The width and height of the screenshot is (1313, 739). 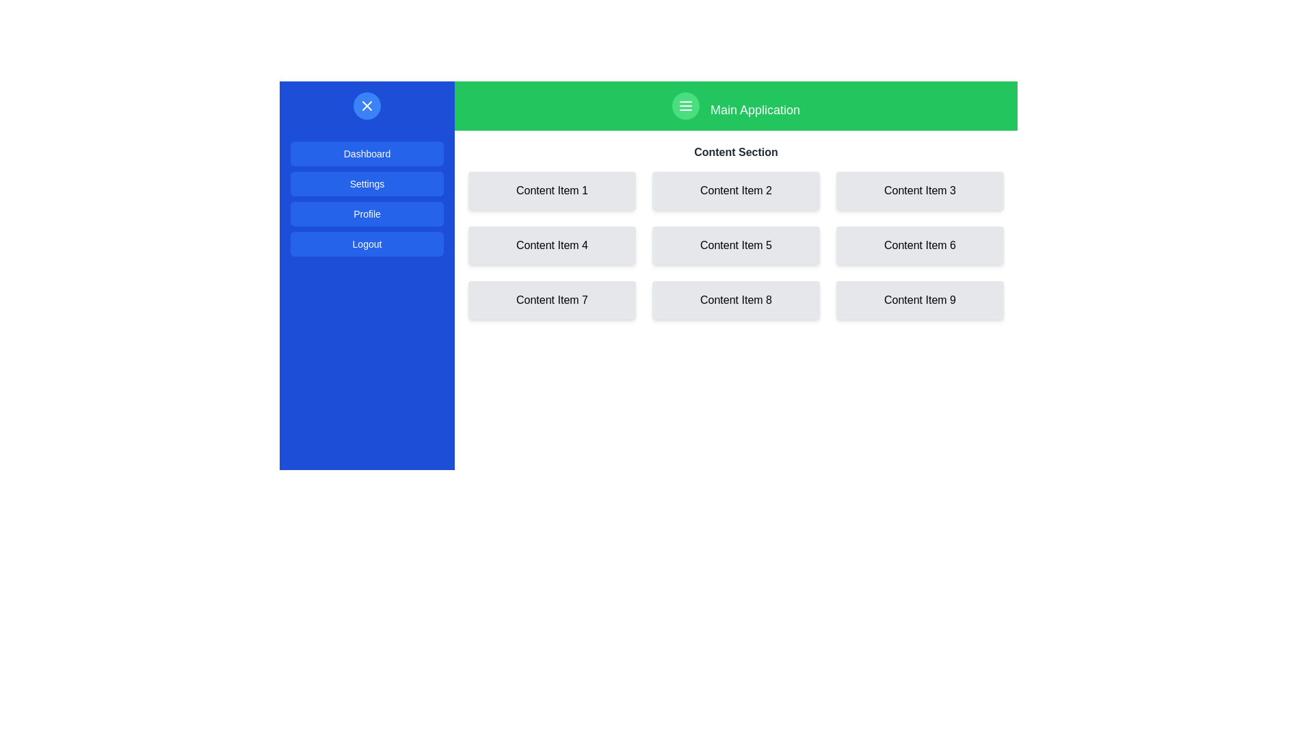 I want to click on the menu icon located on the header bar at the top of the application interface, so click(x=735, y=105).